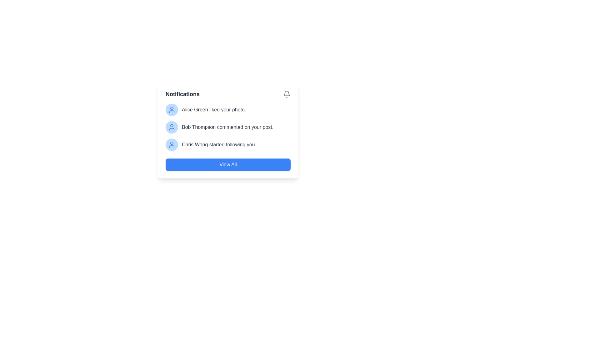 The width and height of the screenshot is (600, 337). Describe the element at coordinates (198, 127) in the screenshot. I see `the text label displaying 'Bob Thompson' in the second notification item of the notification panel, which is part of the message 'Bob Thompson commented on your post.'` at that location.